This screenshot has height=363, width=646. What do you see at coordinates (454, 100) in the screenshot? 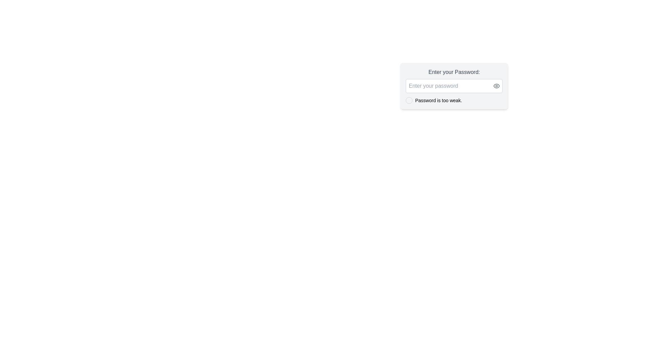
I see `feedback message displayed in the informational component indicating that the password is too weak, which is located below the 'Enter your Password:' label and input field` at bounding box center [454, 100].